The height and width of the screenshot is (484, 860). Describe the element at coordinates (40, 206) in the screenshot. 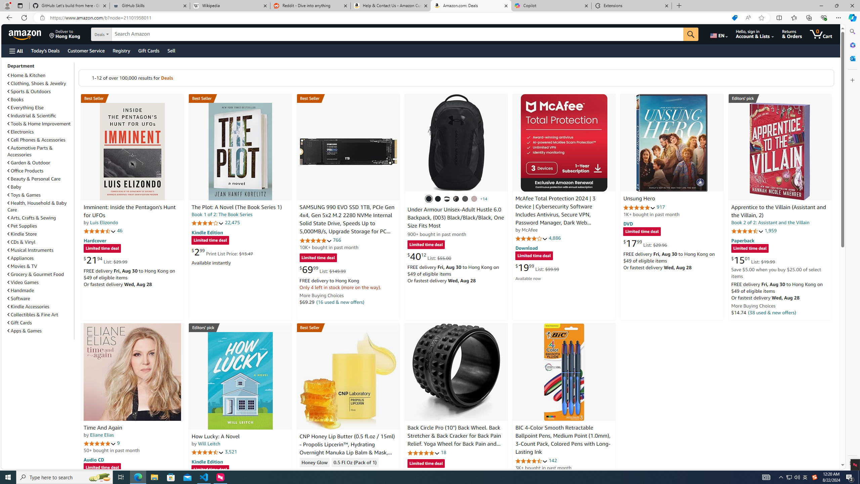

I see `'Health, Household & Baby Care'` at that location.